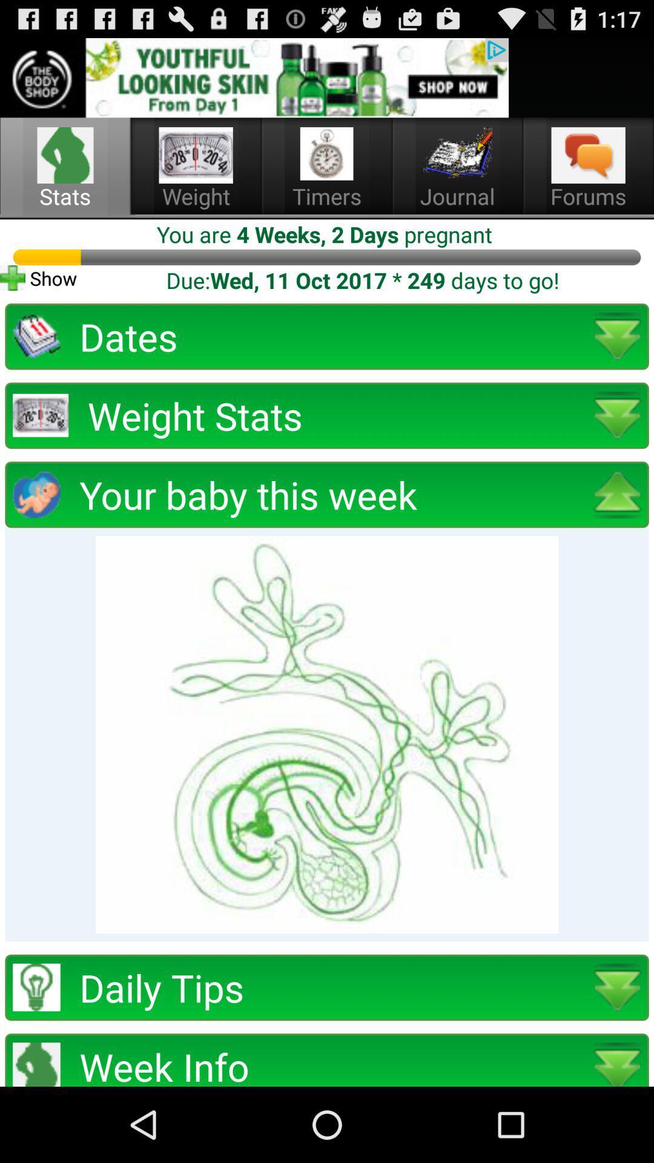 This screenshot has width=654, height=1163. What do you see at coordinates (254, 77) in the screenshot?
I see `open advertisement` at bounding box center [254, 77].